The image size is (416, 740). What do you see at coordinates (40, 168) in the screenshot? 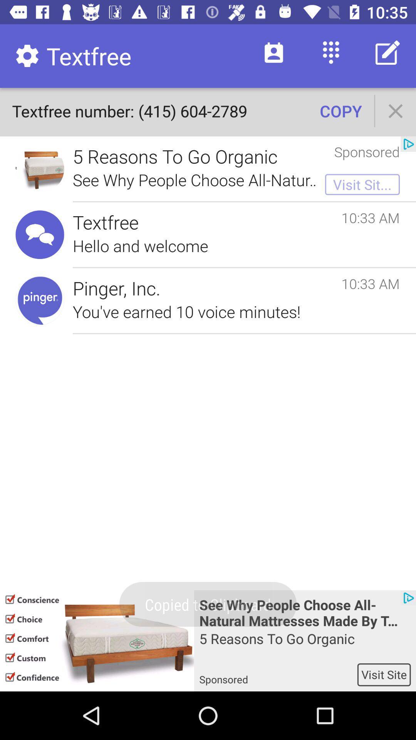
I see `the first image on the web page` at bounding box center [40, 168].